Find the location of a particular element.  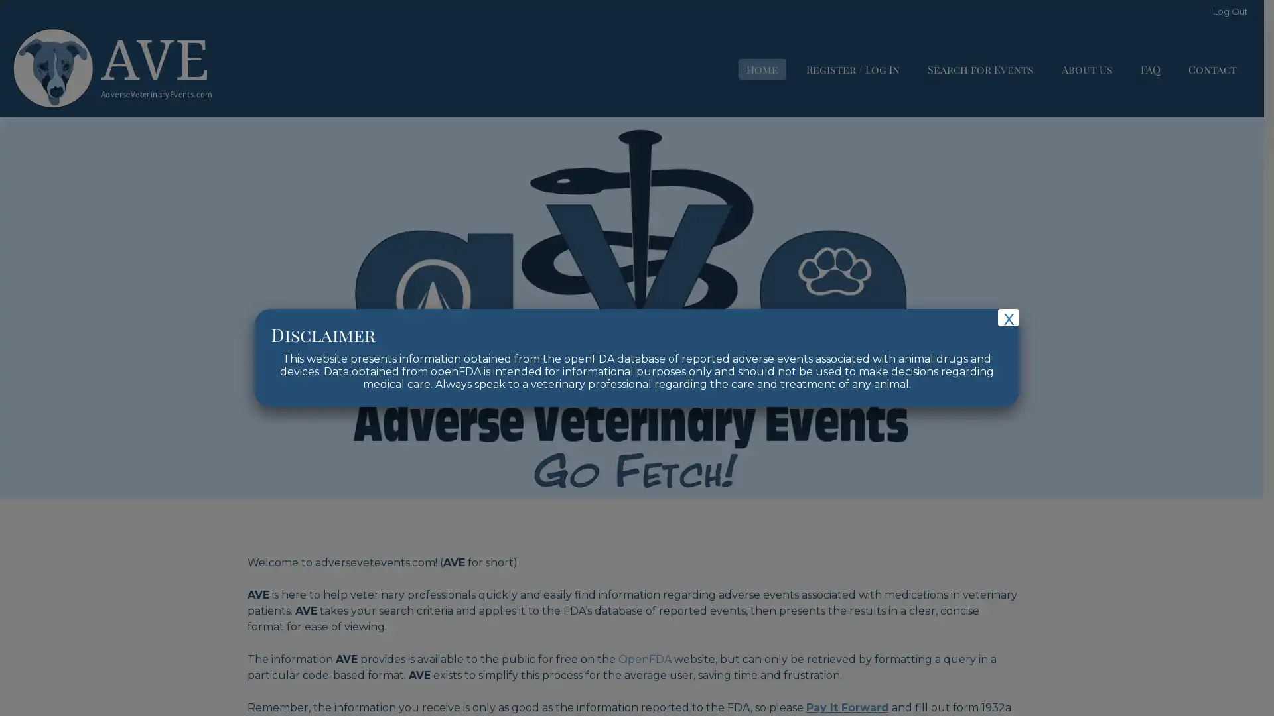

Close is located at coordinates (1009, 317).